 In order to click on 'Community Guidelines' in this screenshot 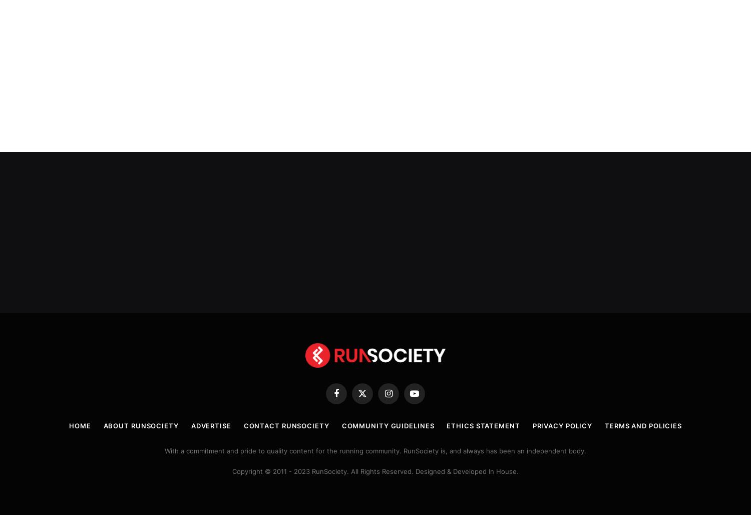, I will do `click(388, 424)`.